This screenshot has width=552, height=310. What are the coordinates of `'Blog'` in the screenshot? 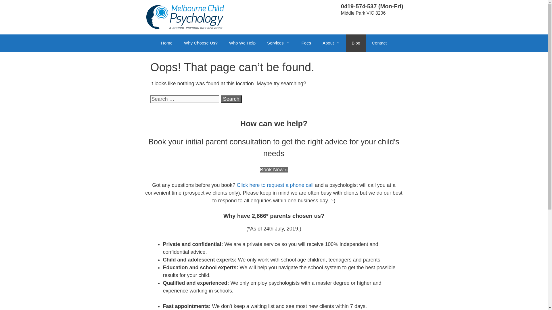 It's located at (356, 43).